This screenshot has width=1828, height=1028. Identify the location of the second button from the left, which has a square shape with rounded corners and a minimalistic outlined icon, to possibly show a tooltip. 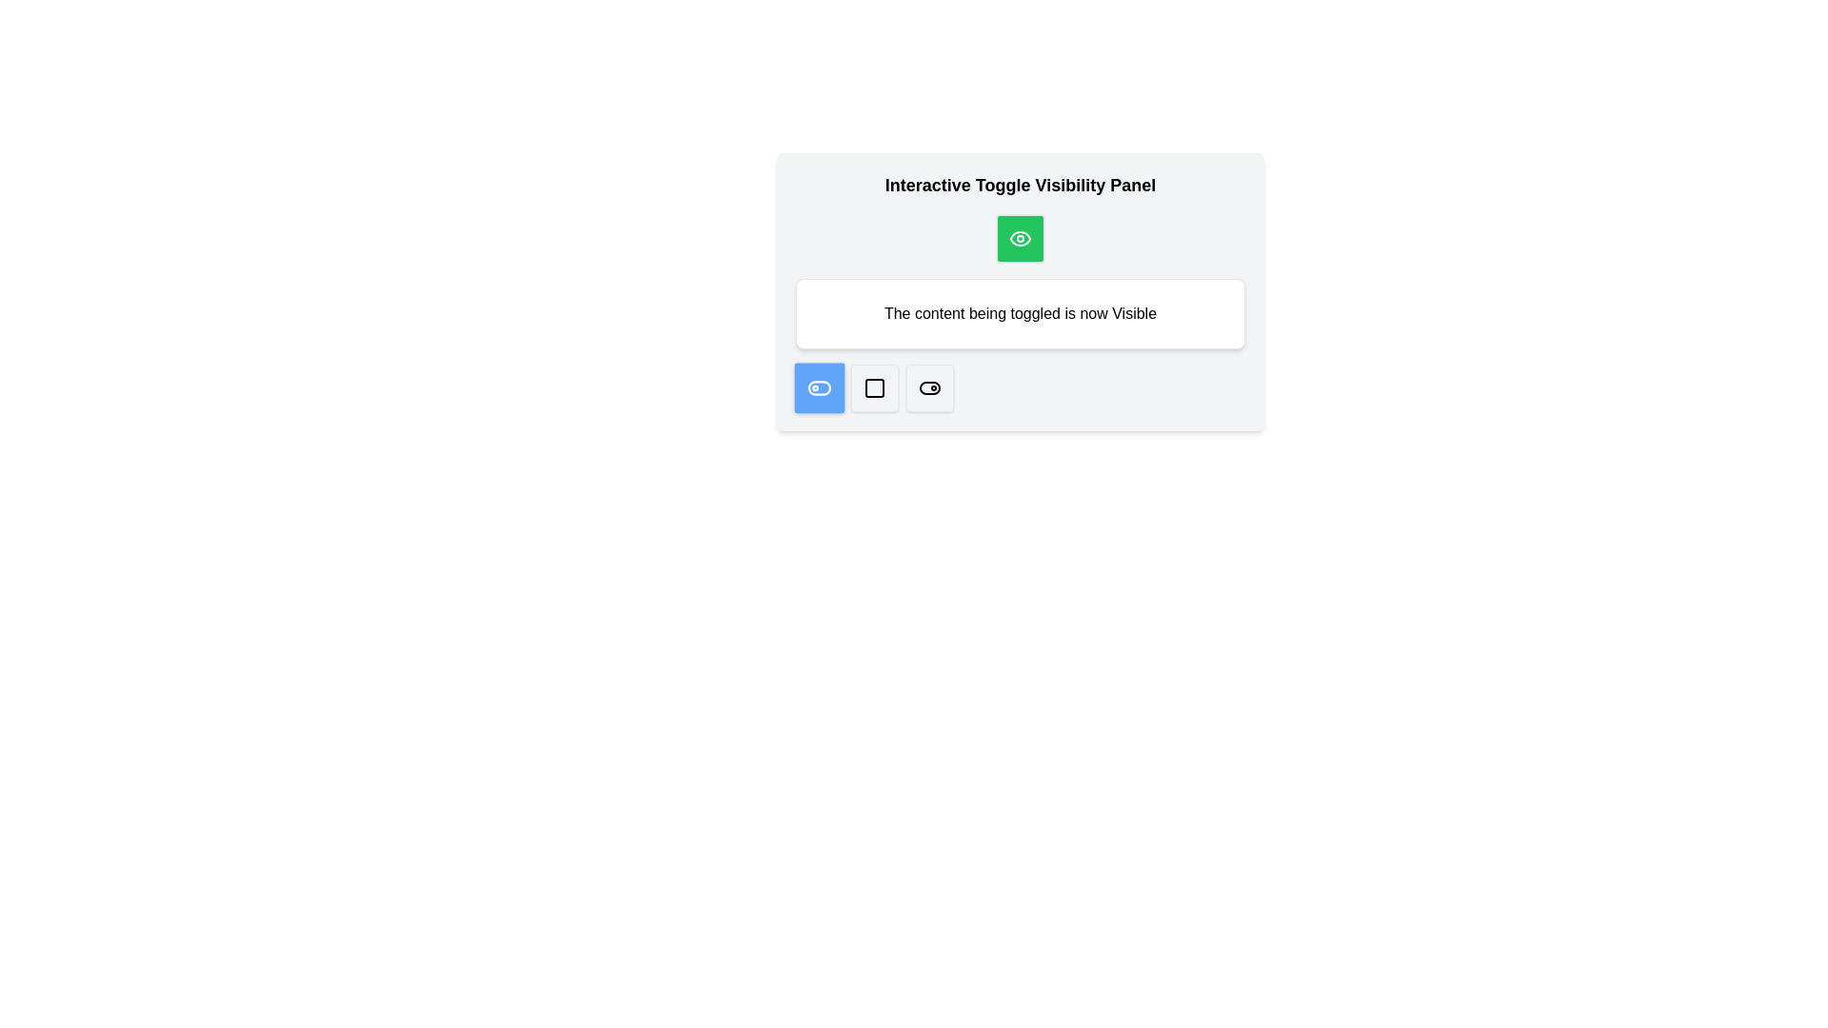
(873, 387).